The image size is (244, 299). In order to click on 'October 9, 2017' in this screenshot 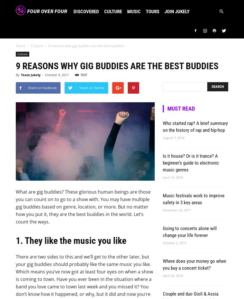, I will do `click(56, 74)`.